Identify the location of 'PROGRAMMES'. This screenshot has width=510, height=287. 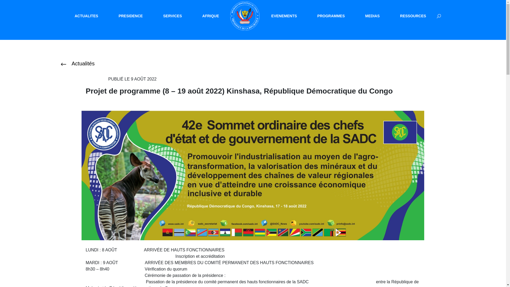
(317, 16).